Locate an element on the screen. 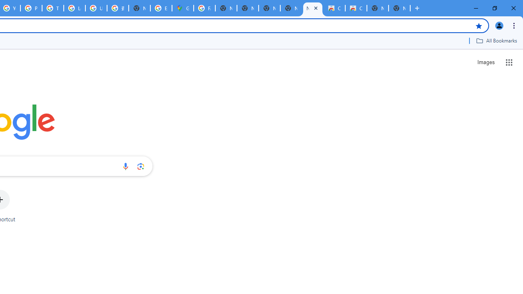  'Tips & tricks for Chrome - Google Chrome Help' is located at coordinates (52, 8).